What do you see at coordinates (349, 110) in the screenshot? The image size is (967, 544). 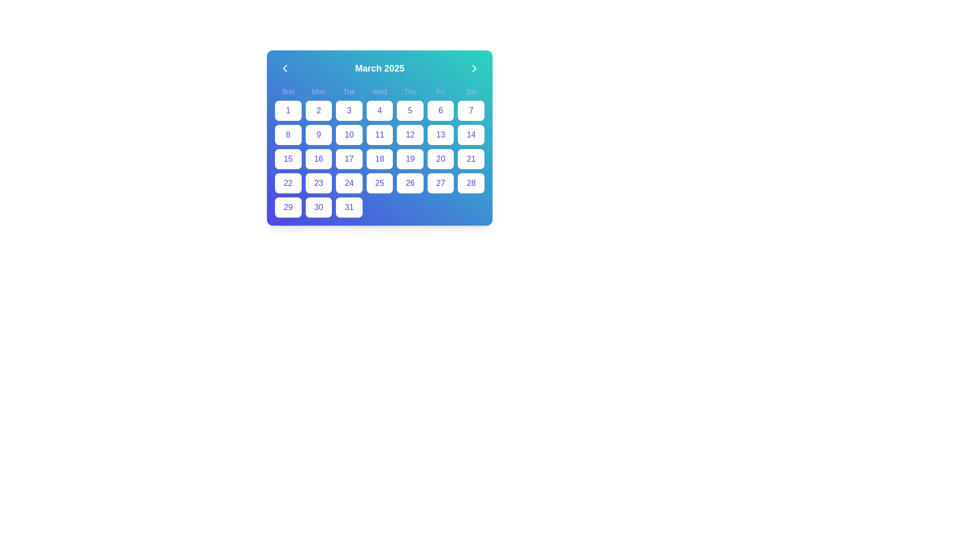 I see `the button representing the third day of the month in the calendar interface` at bounding box center [349, 110].